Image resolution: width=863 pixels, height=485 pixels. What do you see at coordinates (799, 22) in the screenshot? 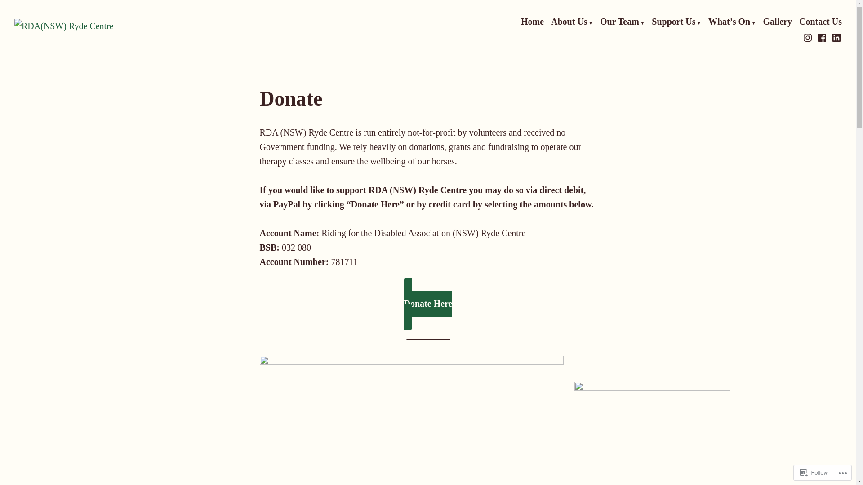
I see `'Contact Us'` at bounding box center [799, 22].